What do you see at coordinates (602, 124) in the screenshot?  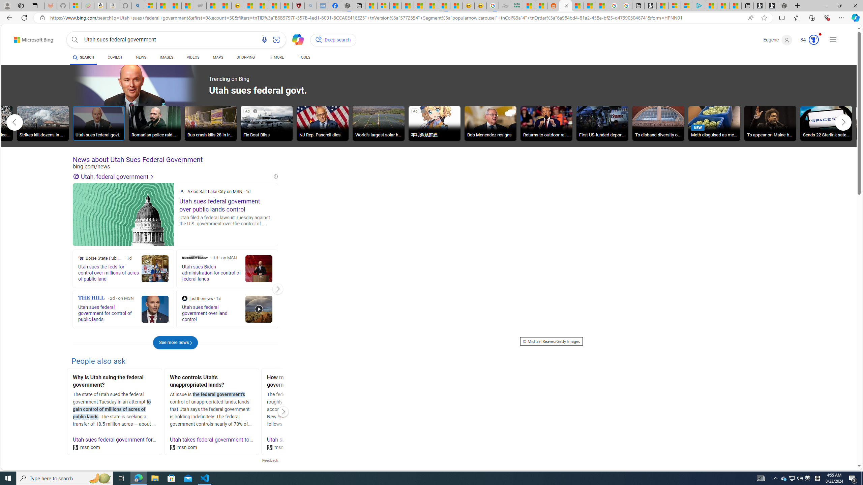 I see `'First US-funded deportation'` at bounding box center [602, 124].